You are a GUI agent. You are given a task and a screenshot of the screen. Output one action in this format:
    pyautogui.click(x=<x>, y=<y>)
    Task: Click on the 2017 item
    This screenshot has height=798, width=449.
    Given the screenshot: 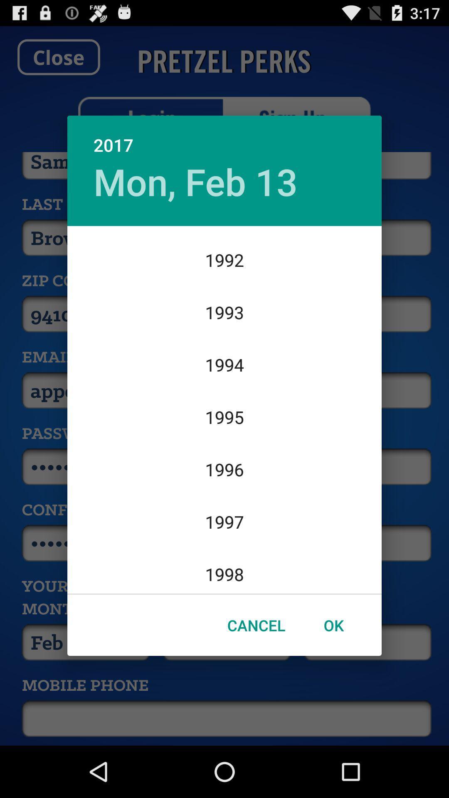 What is the action you would take?
    pyautogui.click(x=224, y=136)
    